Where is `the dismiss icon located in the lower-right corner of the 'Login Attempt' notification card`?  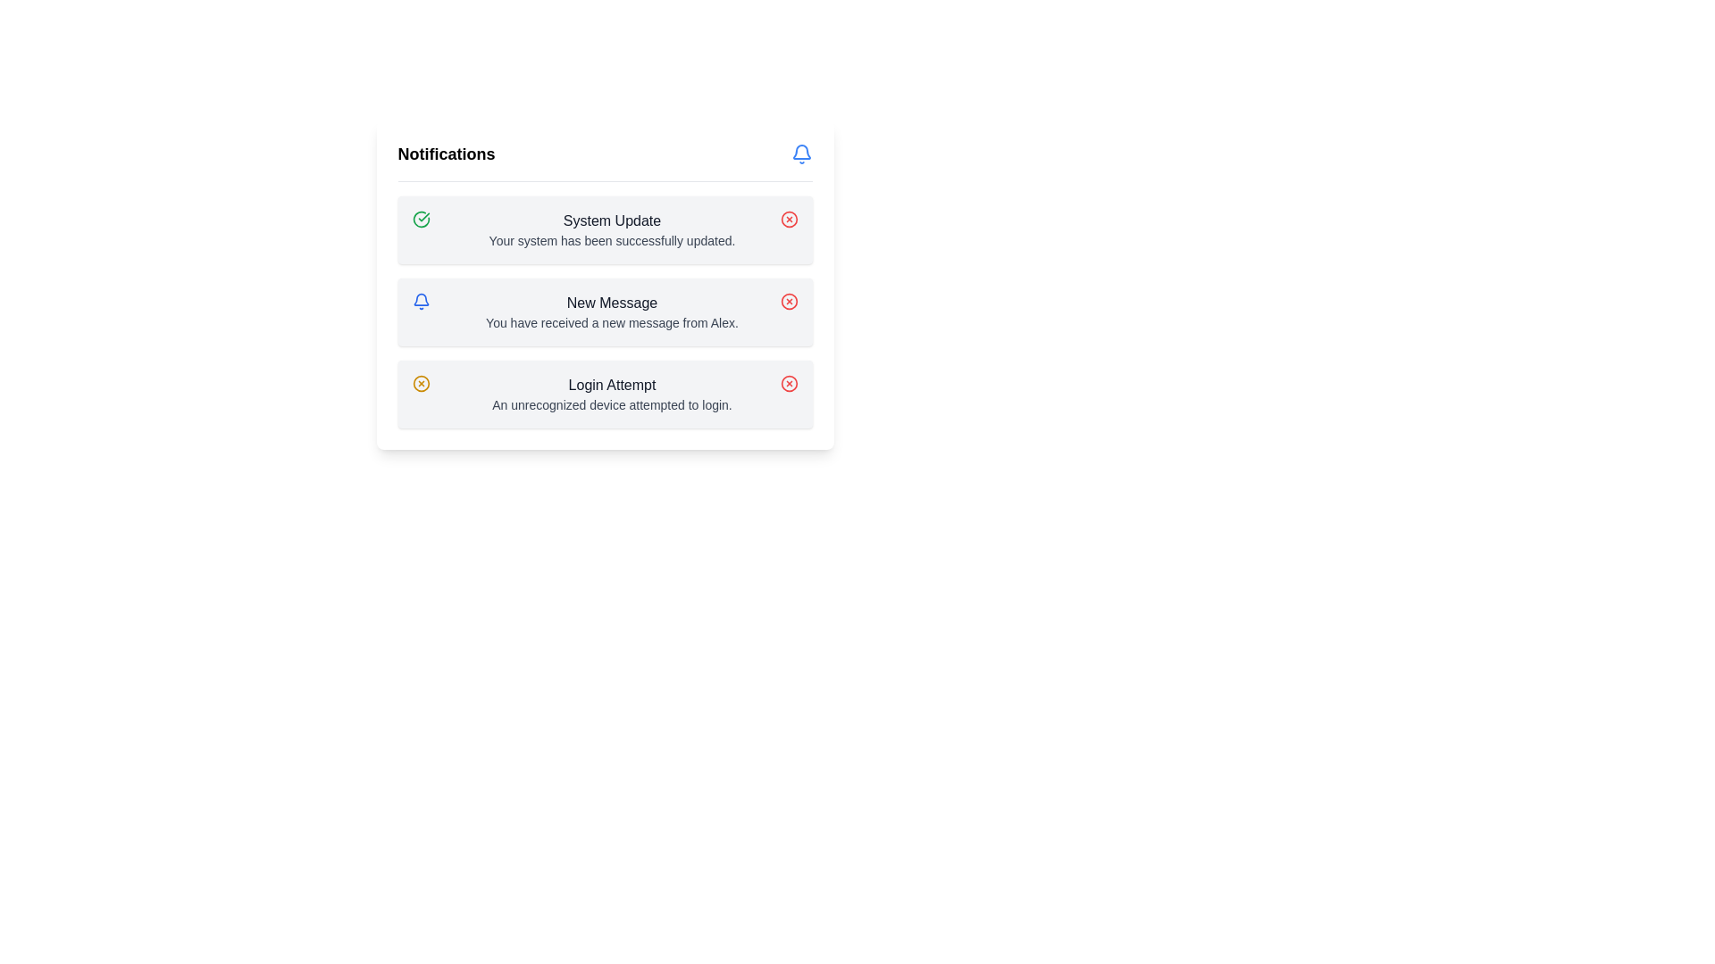
the dismiss icon located in the lower-right corner of the 'Login Attempt' notification card is located at coordinates (788, 382).